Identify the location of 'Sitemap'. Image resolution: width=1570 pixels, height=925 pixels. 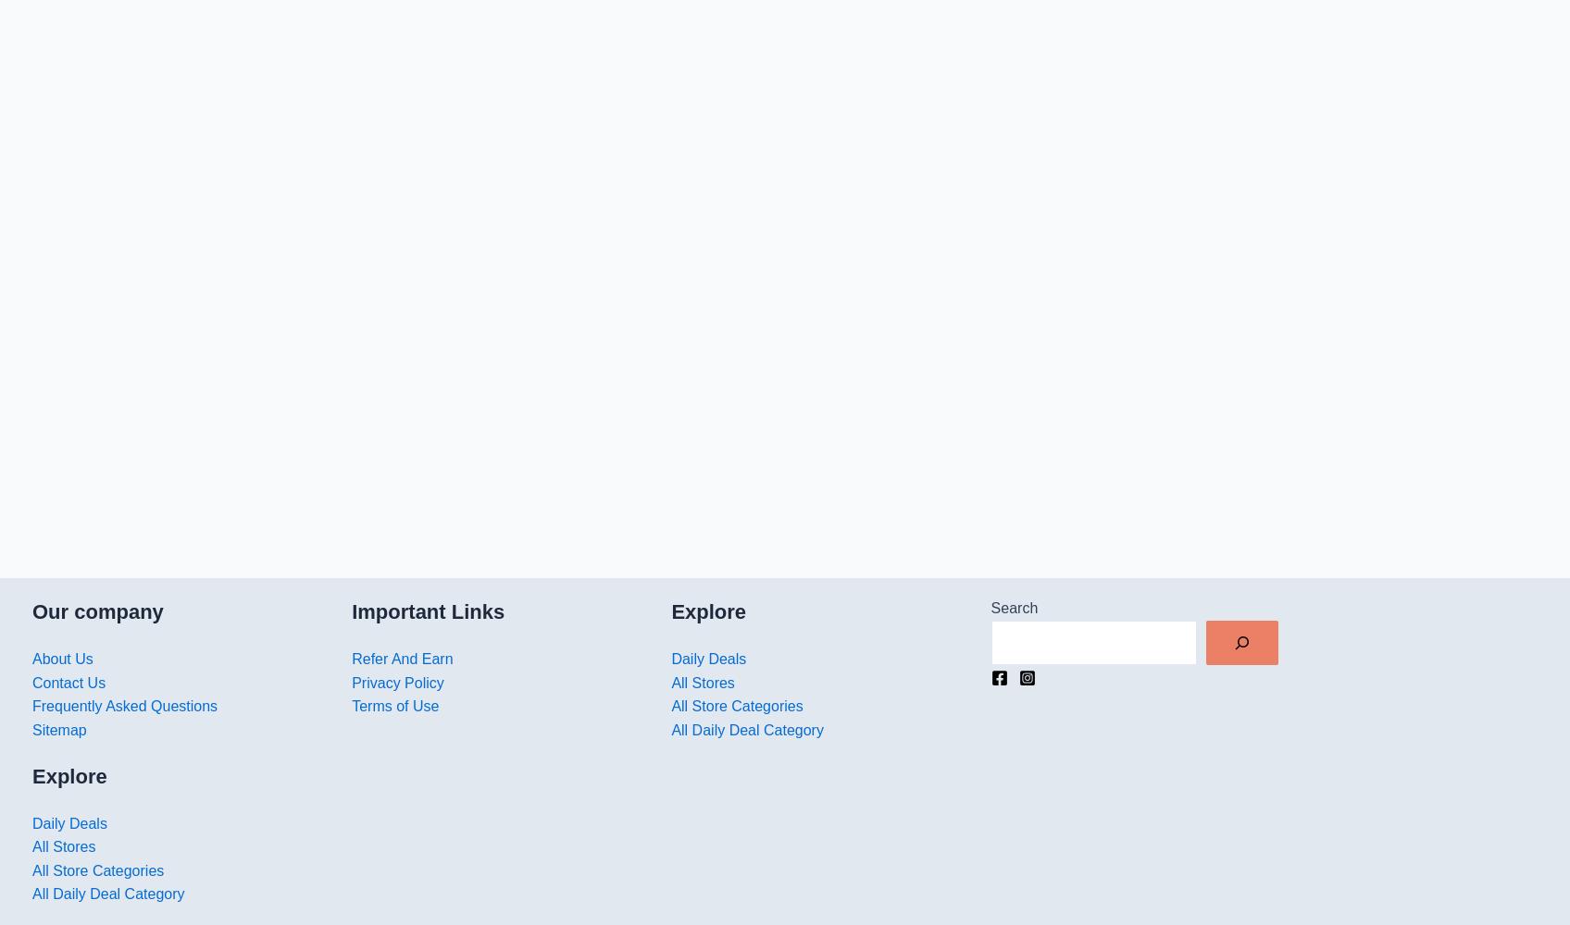
(58, 730).